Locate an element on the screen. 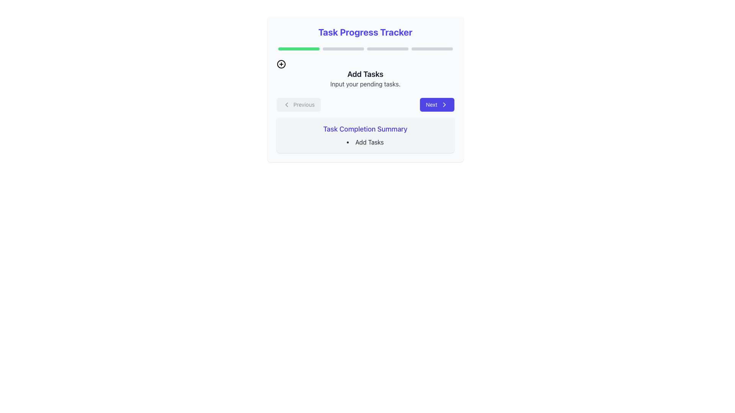 The width and height of the screenshot is (735, 413). the text item reading 'Add Tasks' in the bulleted list located beneath the section labeled 'Task Completion Summary' is located at coordinates (365, 142).